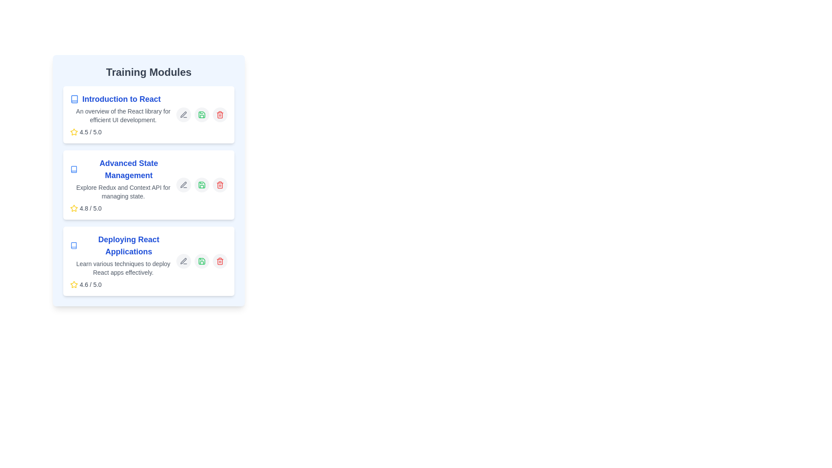  I want to click on the red trash icon button located on the right-most side of the 'Deploying React Applications' module card in the 'Training Modules' section, so click(220, 260).